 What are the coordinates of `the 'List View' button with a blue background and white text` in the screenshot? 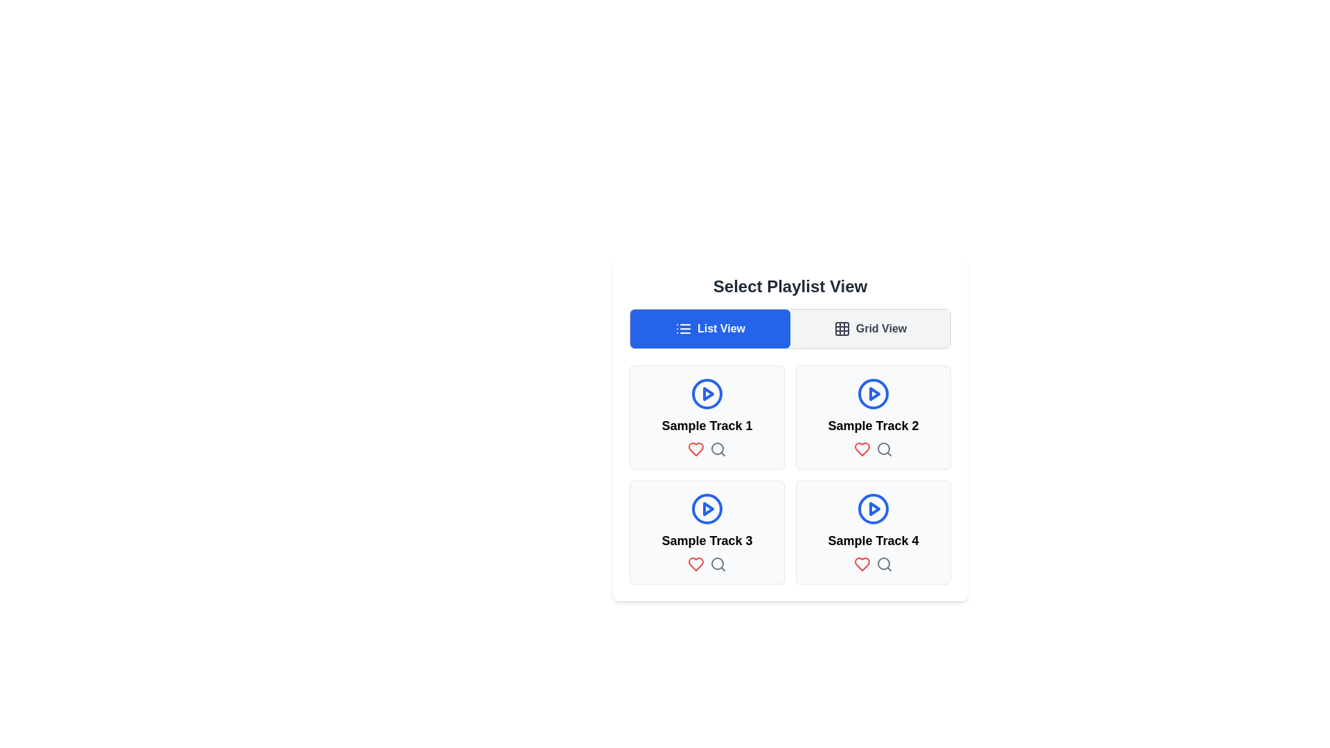 It's located at (710, 328).